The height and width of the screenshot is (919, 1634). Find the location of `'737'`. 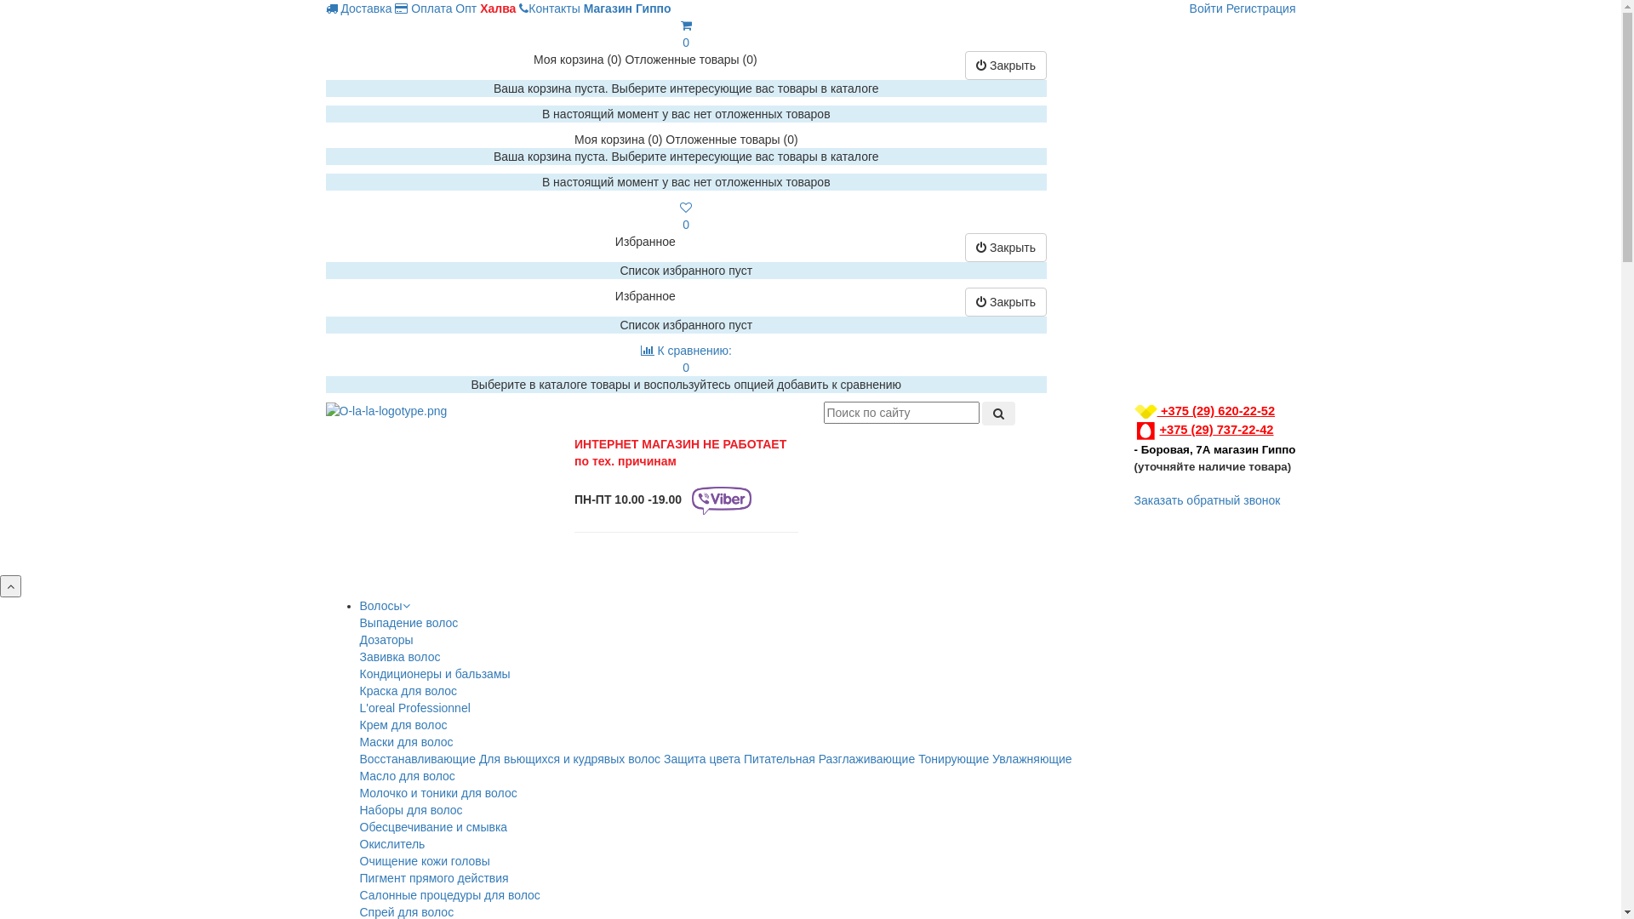

'737' is located at coordinates (1225, 429).